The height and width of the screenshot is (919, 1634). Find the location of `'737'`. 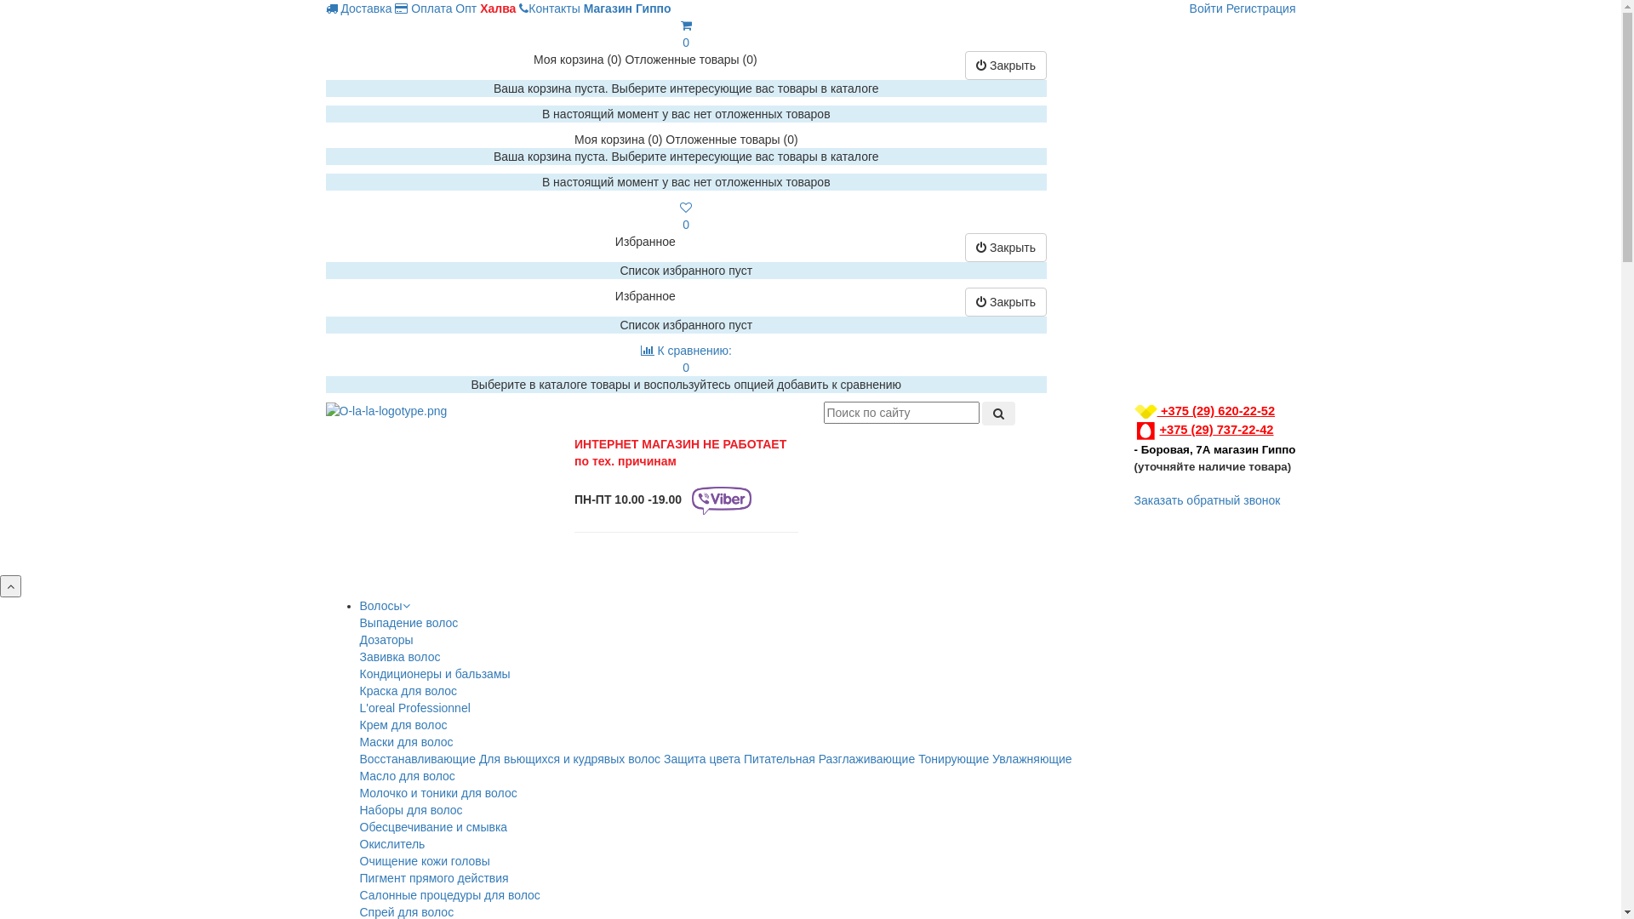

'737' is located at coordinates (1225, 429).